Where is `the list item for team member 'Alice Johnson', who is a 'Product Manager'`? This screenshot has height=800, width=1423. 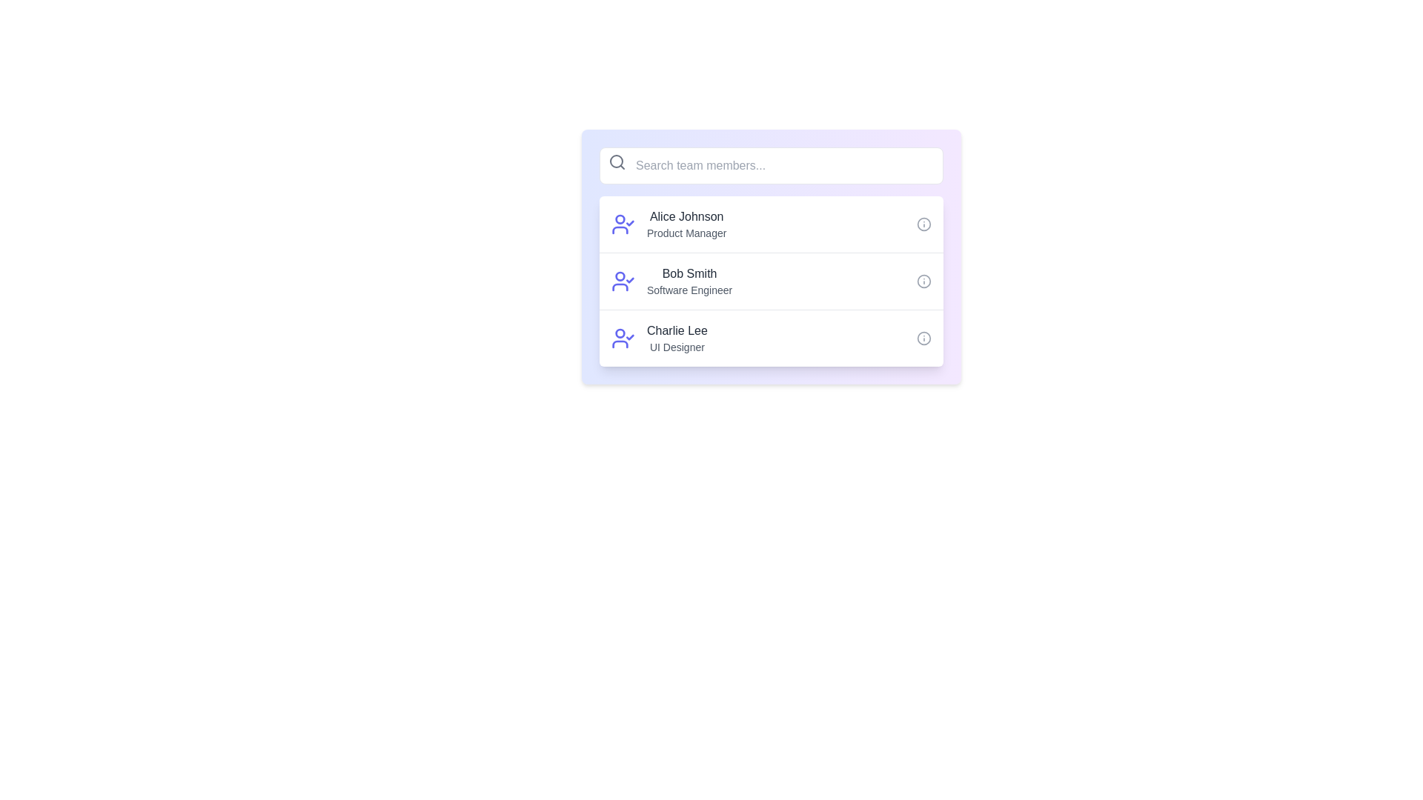
the list item for team member 'Alice Johnson', who is a 'Product Manager' is located at coordinates (668, 224).